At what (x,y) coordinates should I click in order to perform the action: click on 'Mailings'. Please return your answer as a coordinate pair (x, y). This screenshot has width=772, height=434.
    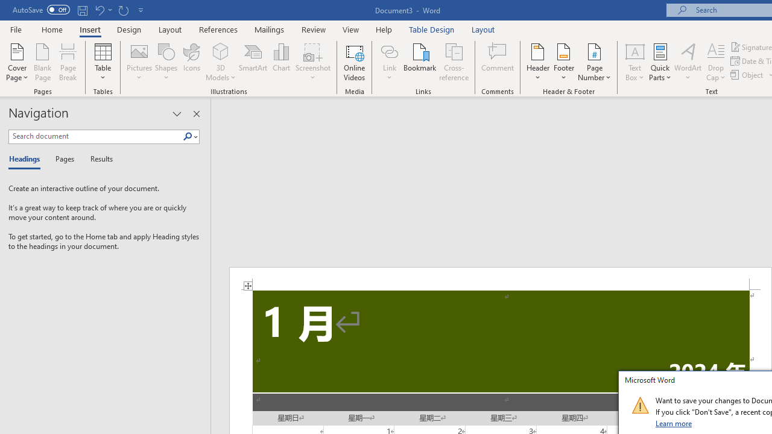
    Looking at the image, I should click on (269, 29).